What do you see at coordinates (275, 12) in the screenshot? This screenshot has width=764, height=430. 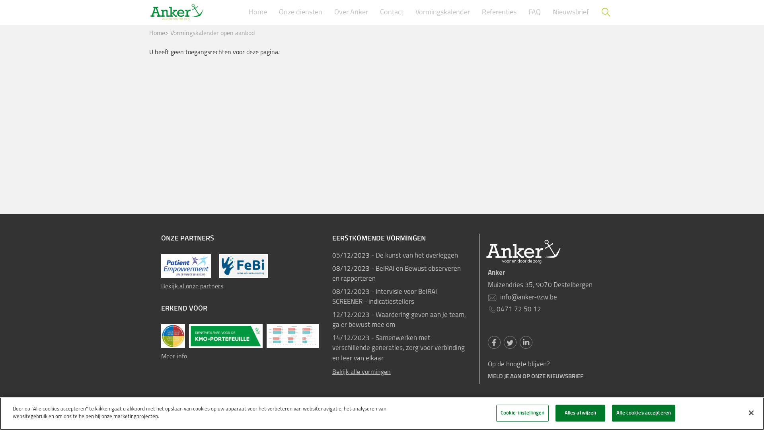 I see `'Onze diensten'` at bounding box center [275, 12].